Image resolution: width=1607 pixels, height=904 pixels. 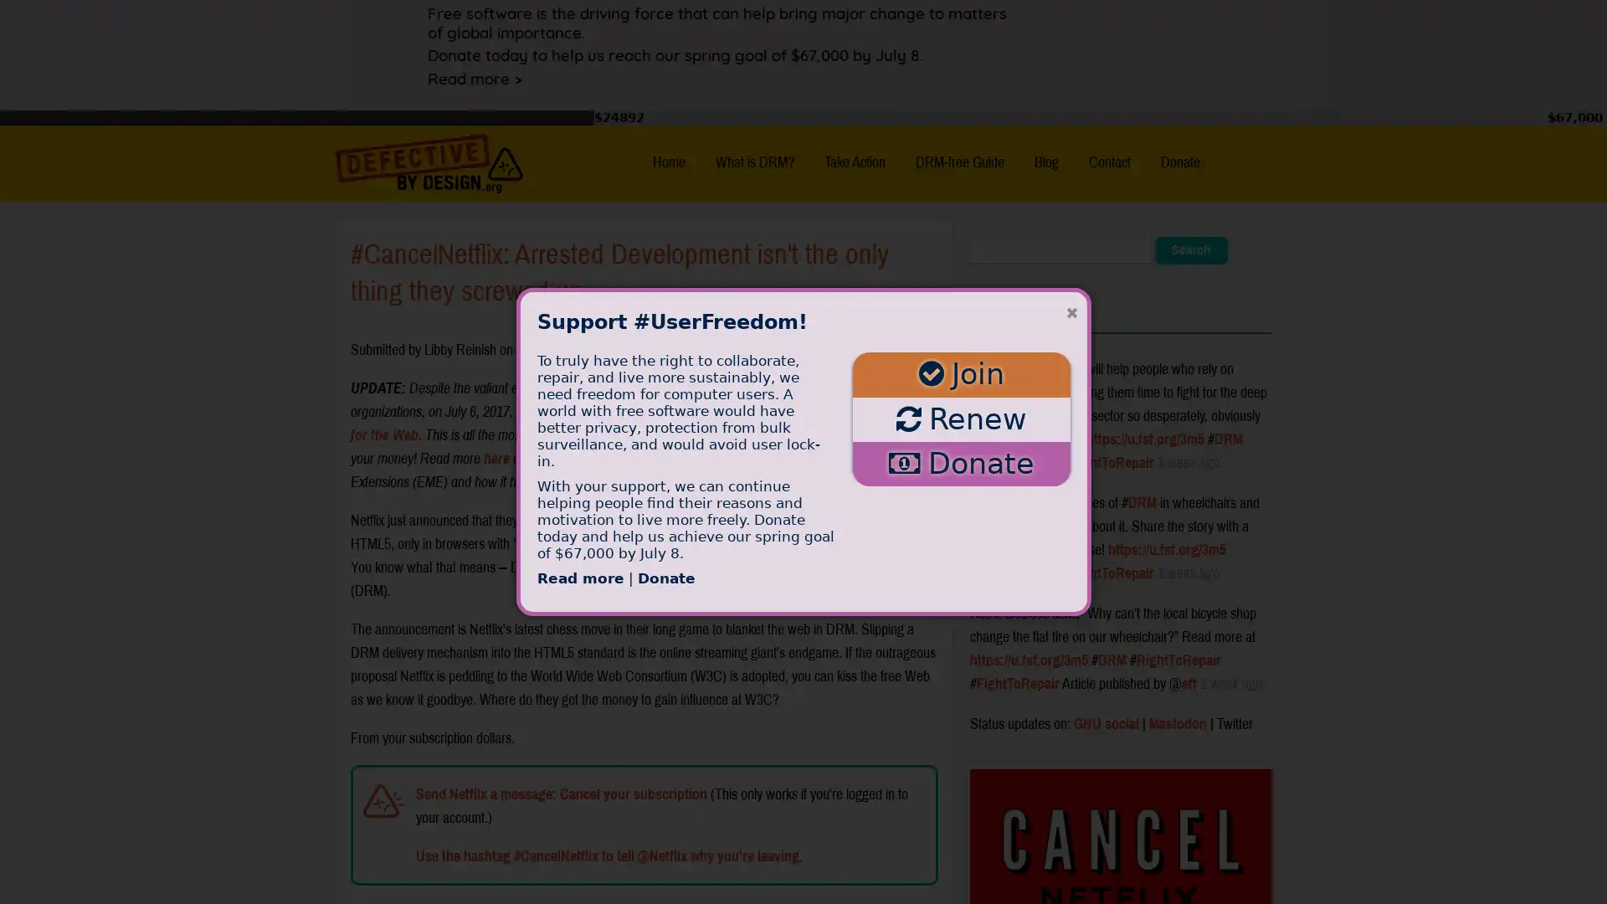 What do you see at coordinates (1189, 250) in the screenshot?
I see `Search` at bounding box center [1189, 250].